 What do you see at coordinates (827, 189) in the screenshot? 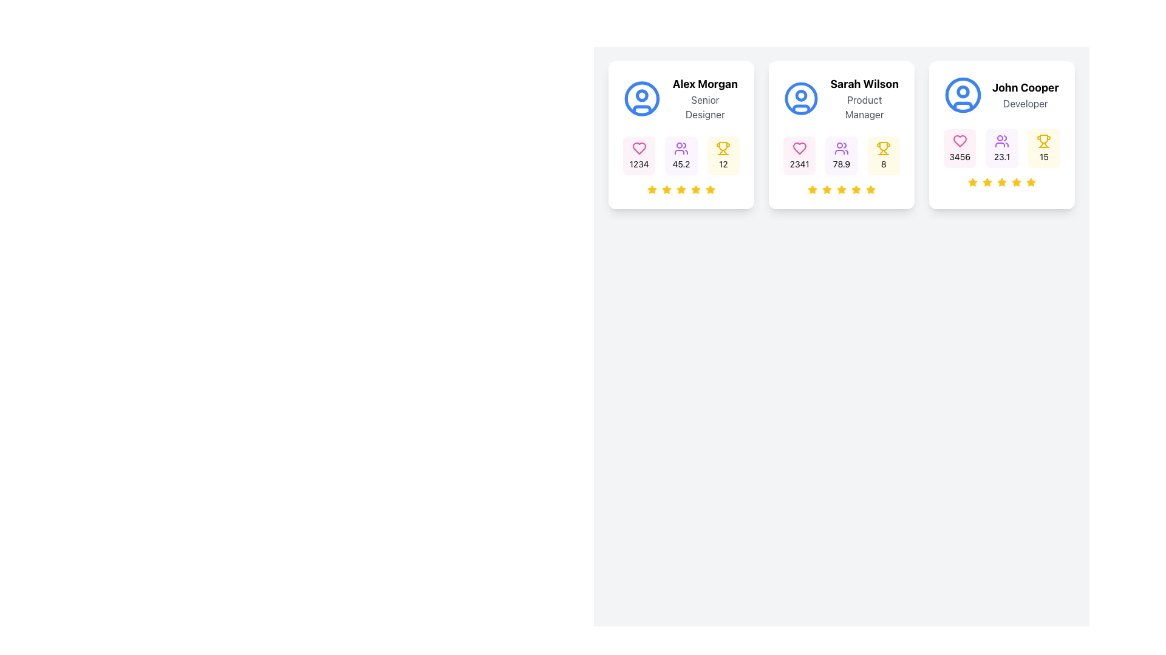
I see `the third star-shaped icon with a vibrant yellow fill in the rating system below the user statistics for 'Sarah Wilson'` at bounding box center [827, 189].